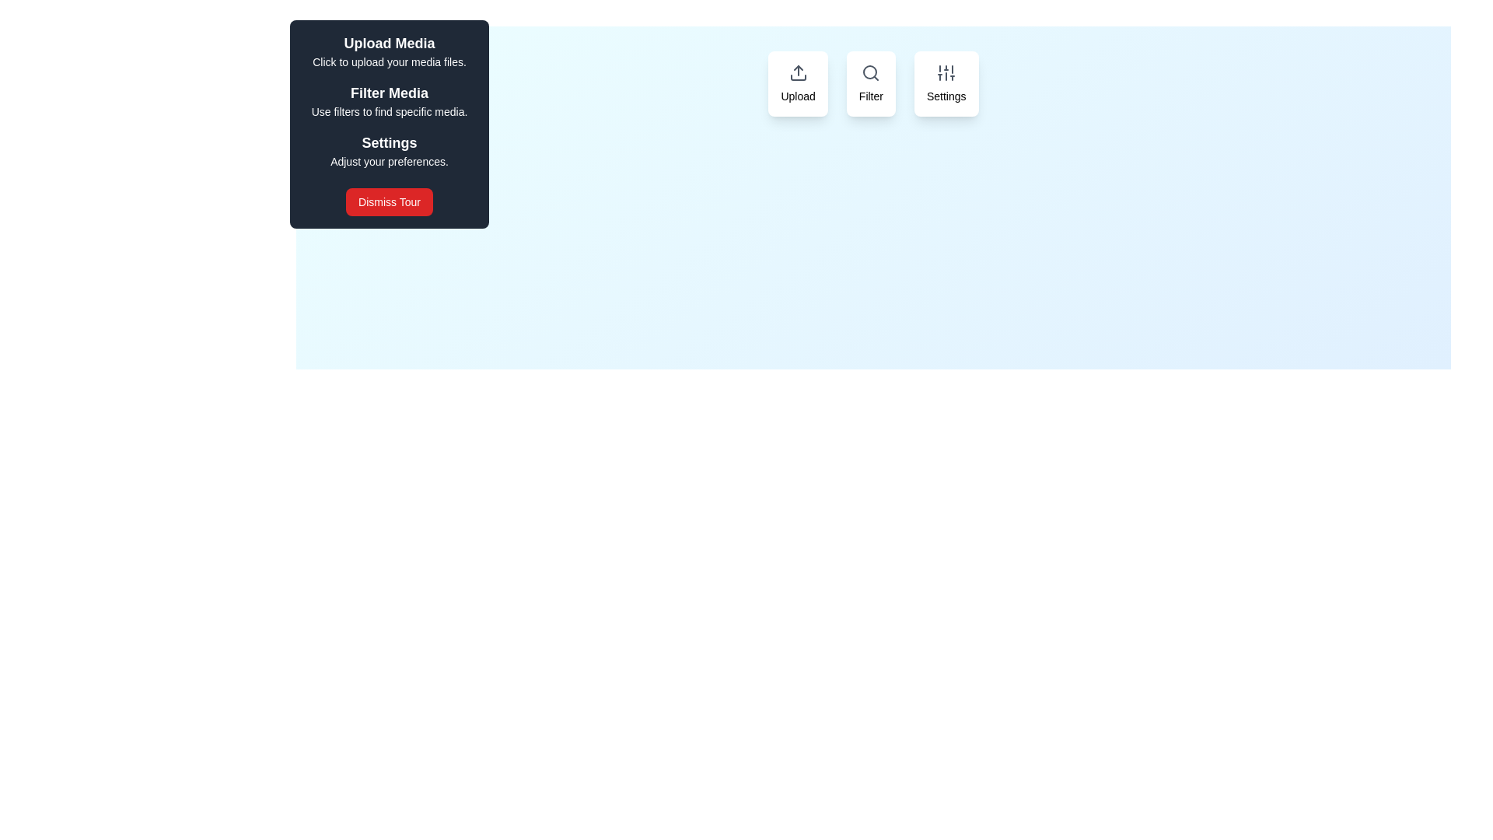  Describe the element at coordinates (389, 110) in the screenshot. I see `the informational text that provides guidance about the 'Filter Media' feature, located centrally below the title 'Filter Media' and above the 'Settings' section` at that location.